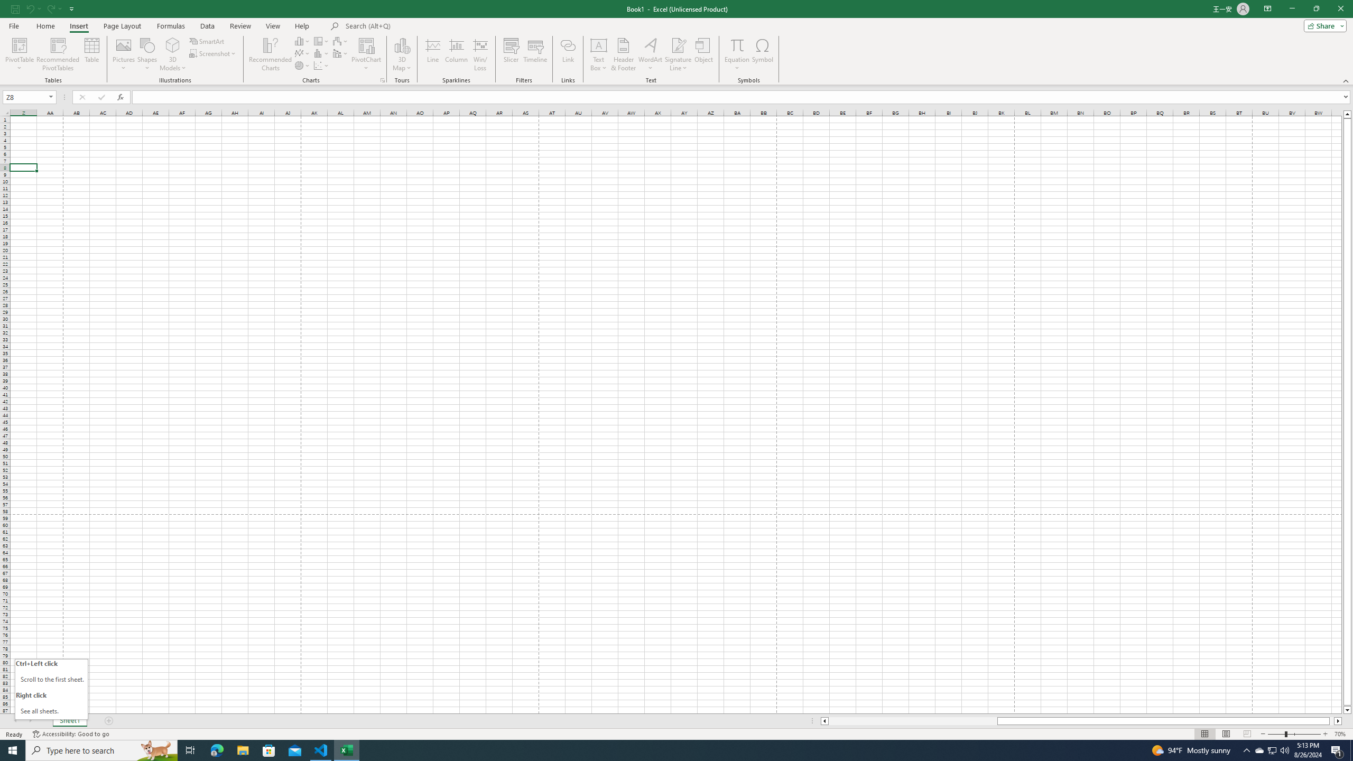 This screenshot has height=761, width=1353. What do you see at coordinates (207, 41) in the screenshot?
I see `'SmartArt...'` at bounding box center [207, 41].